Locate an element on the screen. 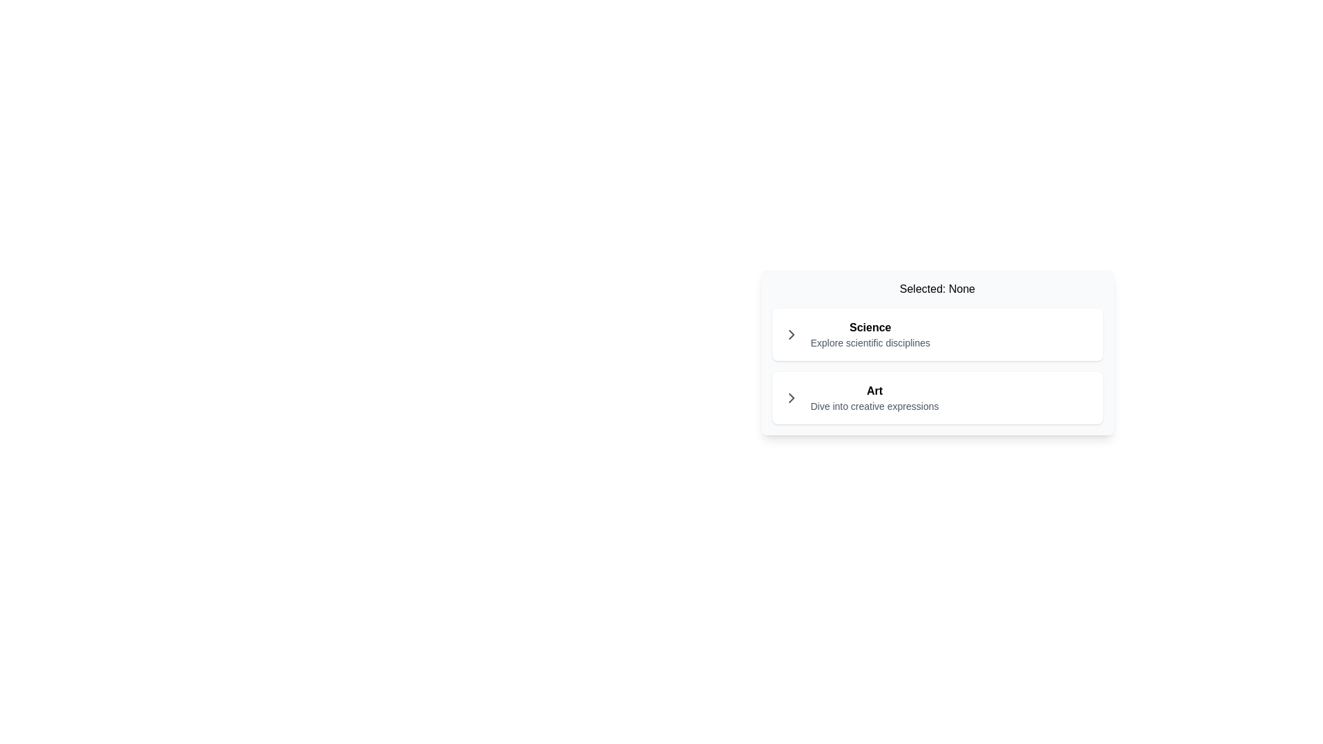  the bold text label displaying 'Art' is located at coordinates (874, 391).